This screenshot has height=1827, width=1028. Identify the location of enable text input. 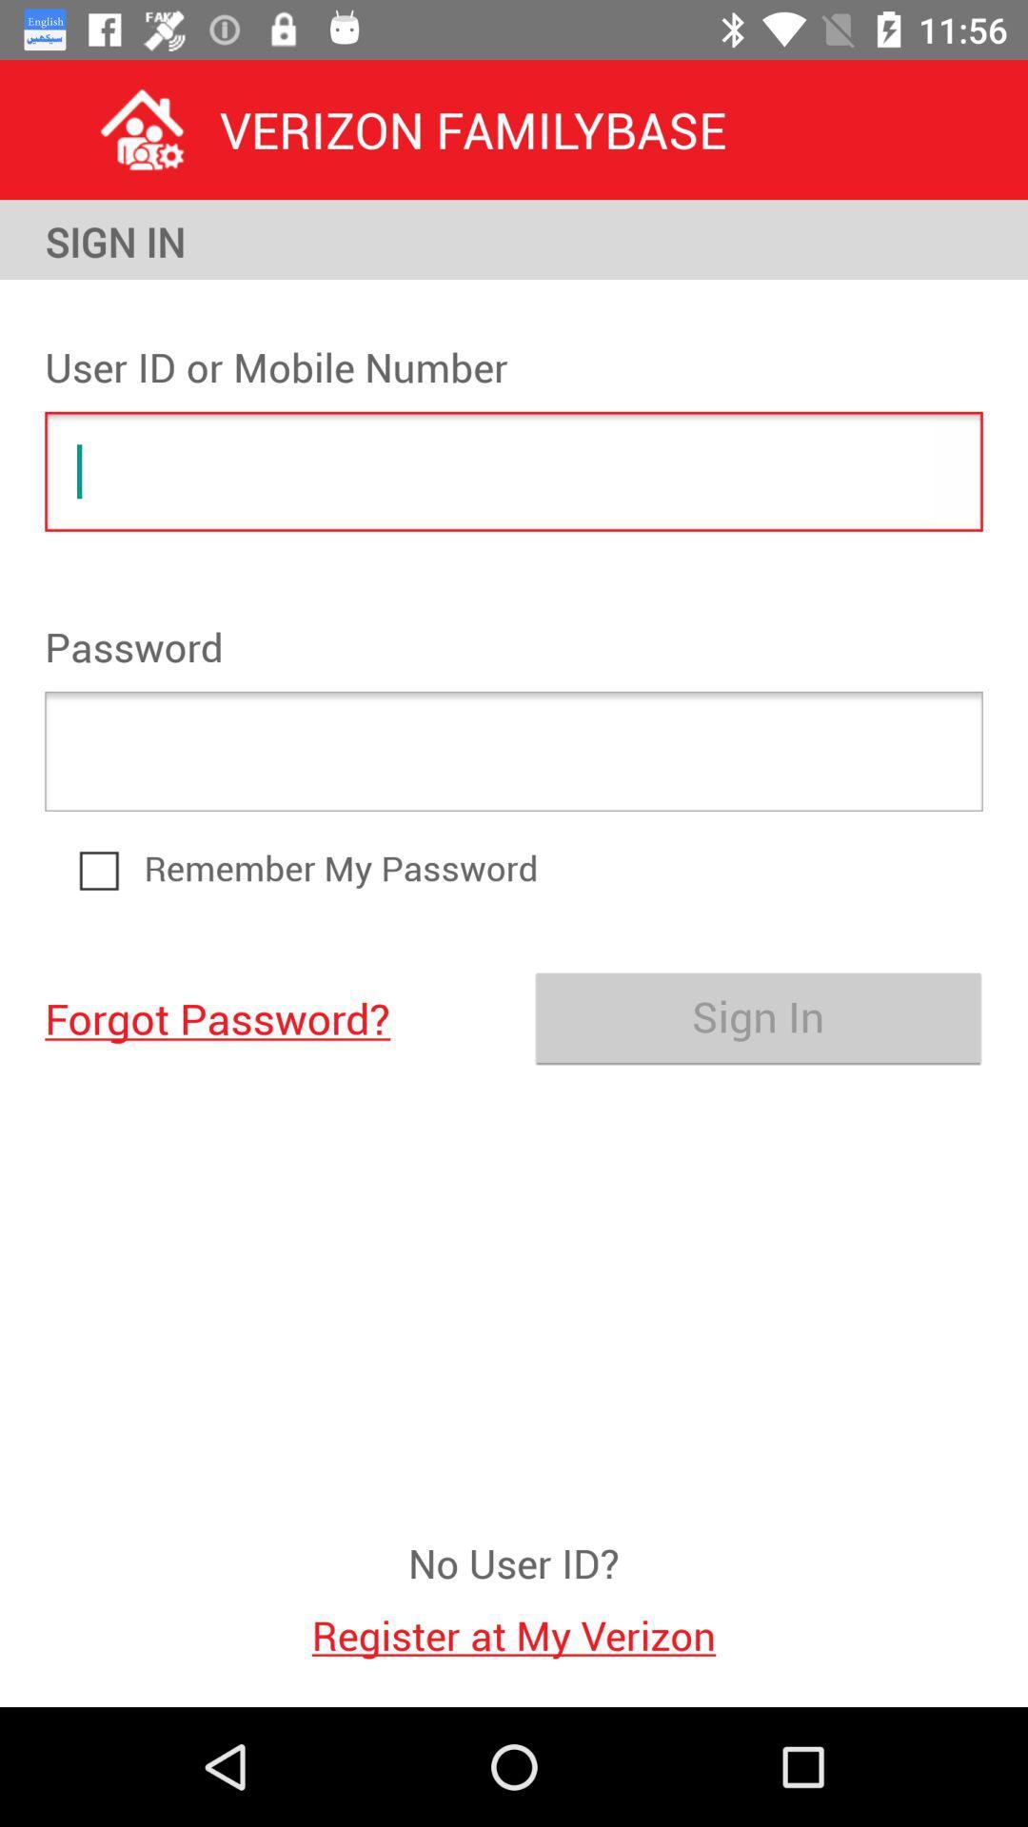
(514, 471).